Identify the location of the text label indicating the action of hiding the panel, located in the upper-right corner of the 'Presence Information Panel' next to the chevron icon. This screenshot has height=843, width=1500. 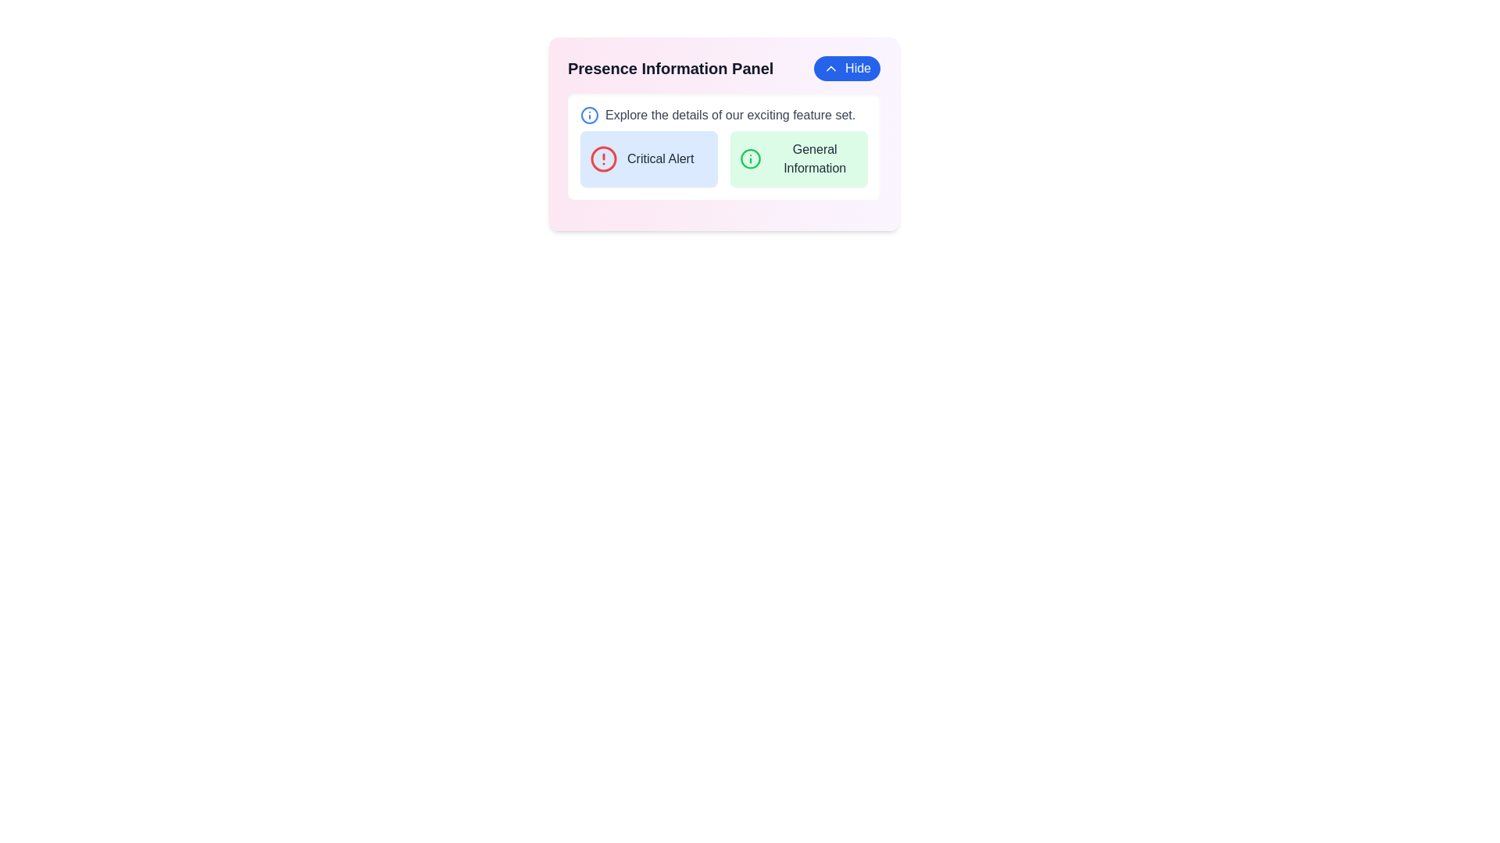
(857, 68).